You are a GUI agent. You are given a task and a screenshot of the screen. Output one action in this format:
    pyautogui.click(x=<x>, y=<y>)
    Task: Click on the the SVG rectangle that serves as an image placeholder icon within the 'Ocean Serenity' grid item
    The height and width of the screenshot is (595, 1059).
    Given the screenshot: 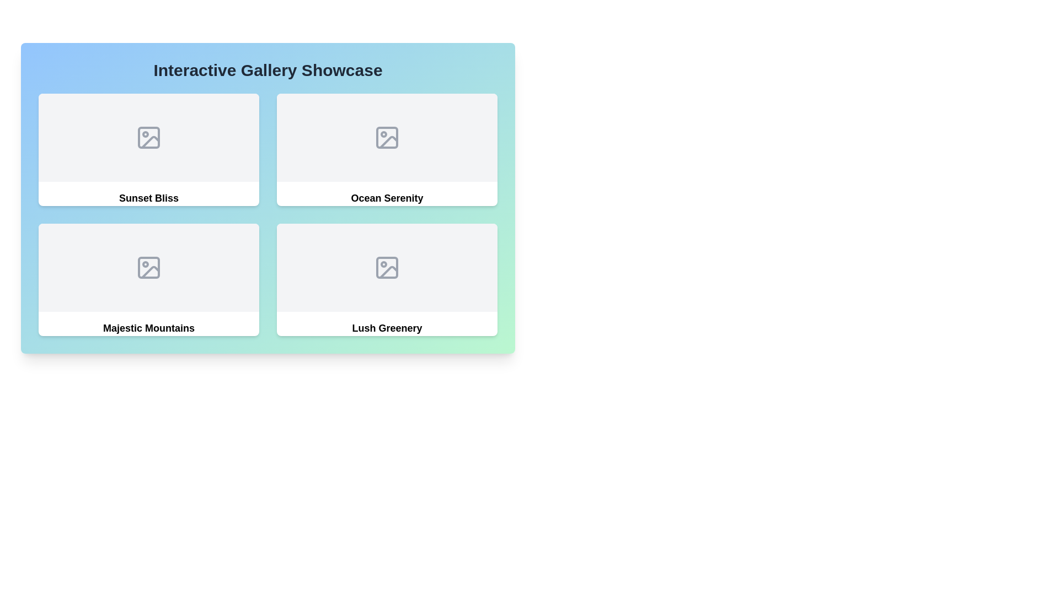 What is the action you would take?
    pyautogui.click(x=387, y=137)
    